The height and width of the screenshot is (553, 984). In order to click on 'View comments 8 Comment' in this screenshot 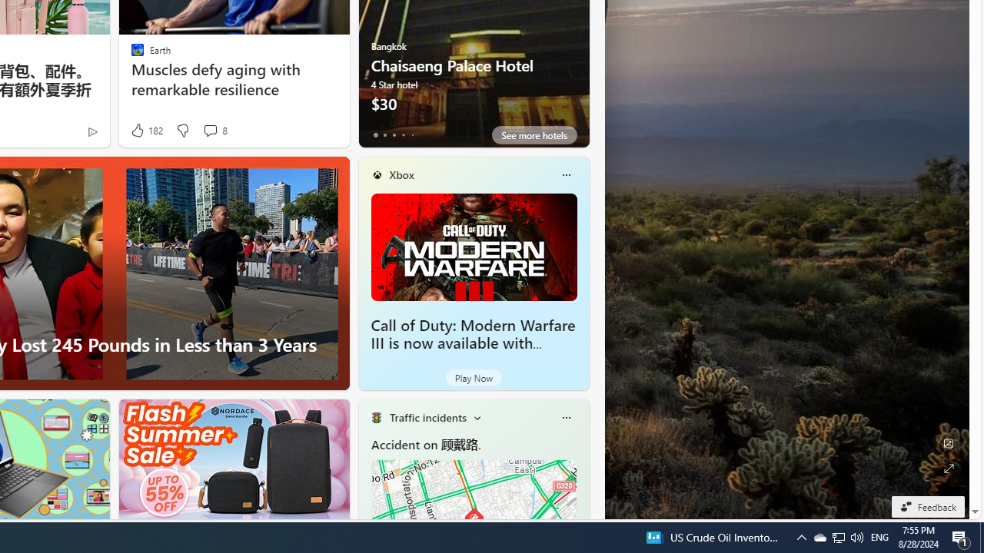, I will do `click(214, 130)`.